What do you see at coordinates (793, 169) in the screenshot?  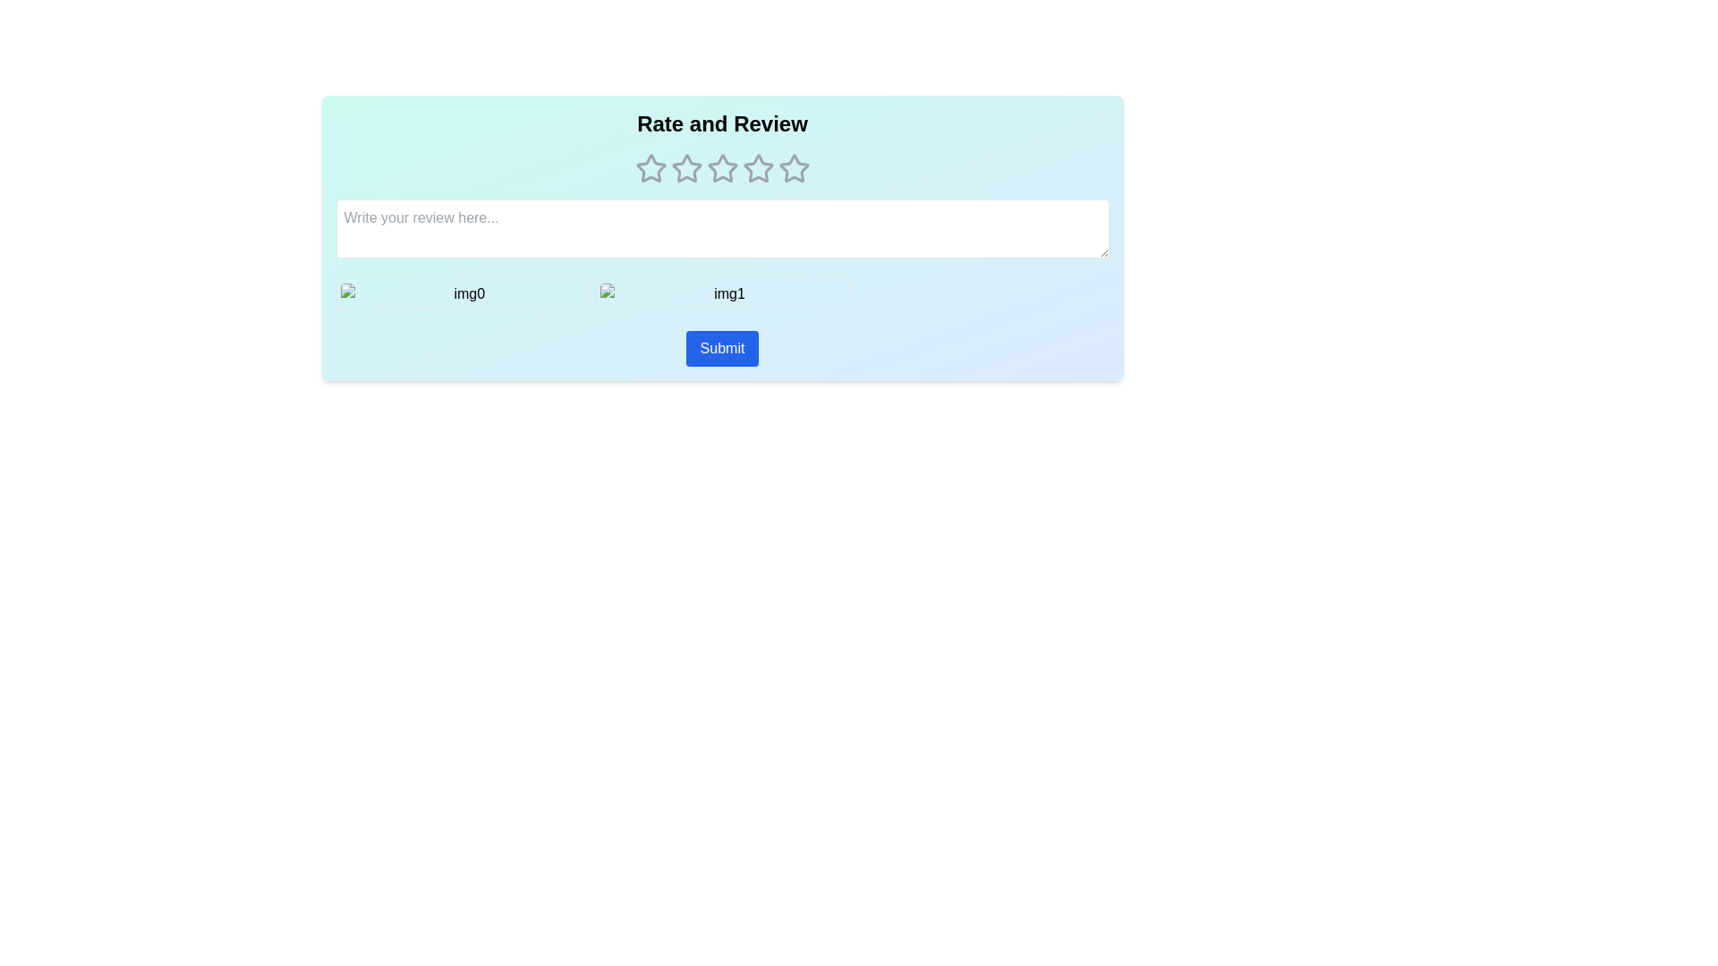 I see `the star corresponding to 5 stars to preview the rating` at bounding box center [793, 169].